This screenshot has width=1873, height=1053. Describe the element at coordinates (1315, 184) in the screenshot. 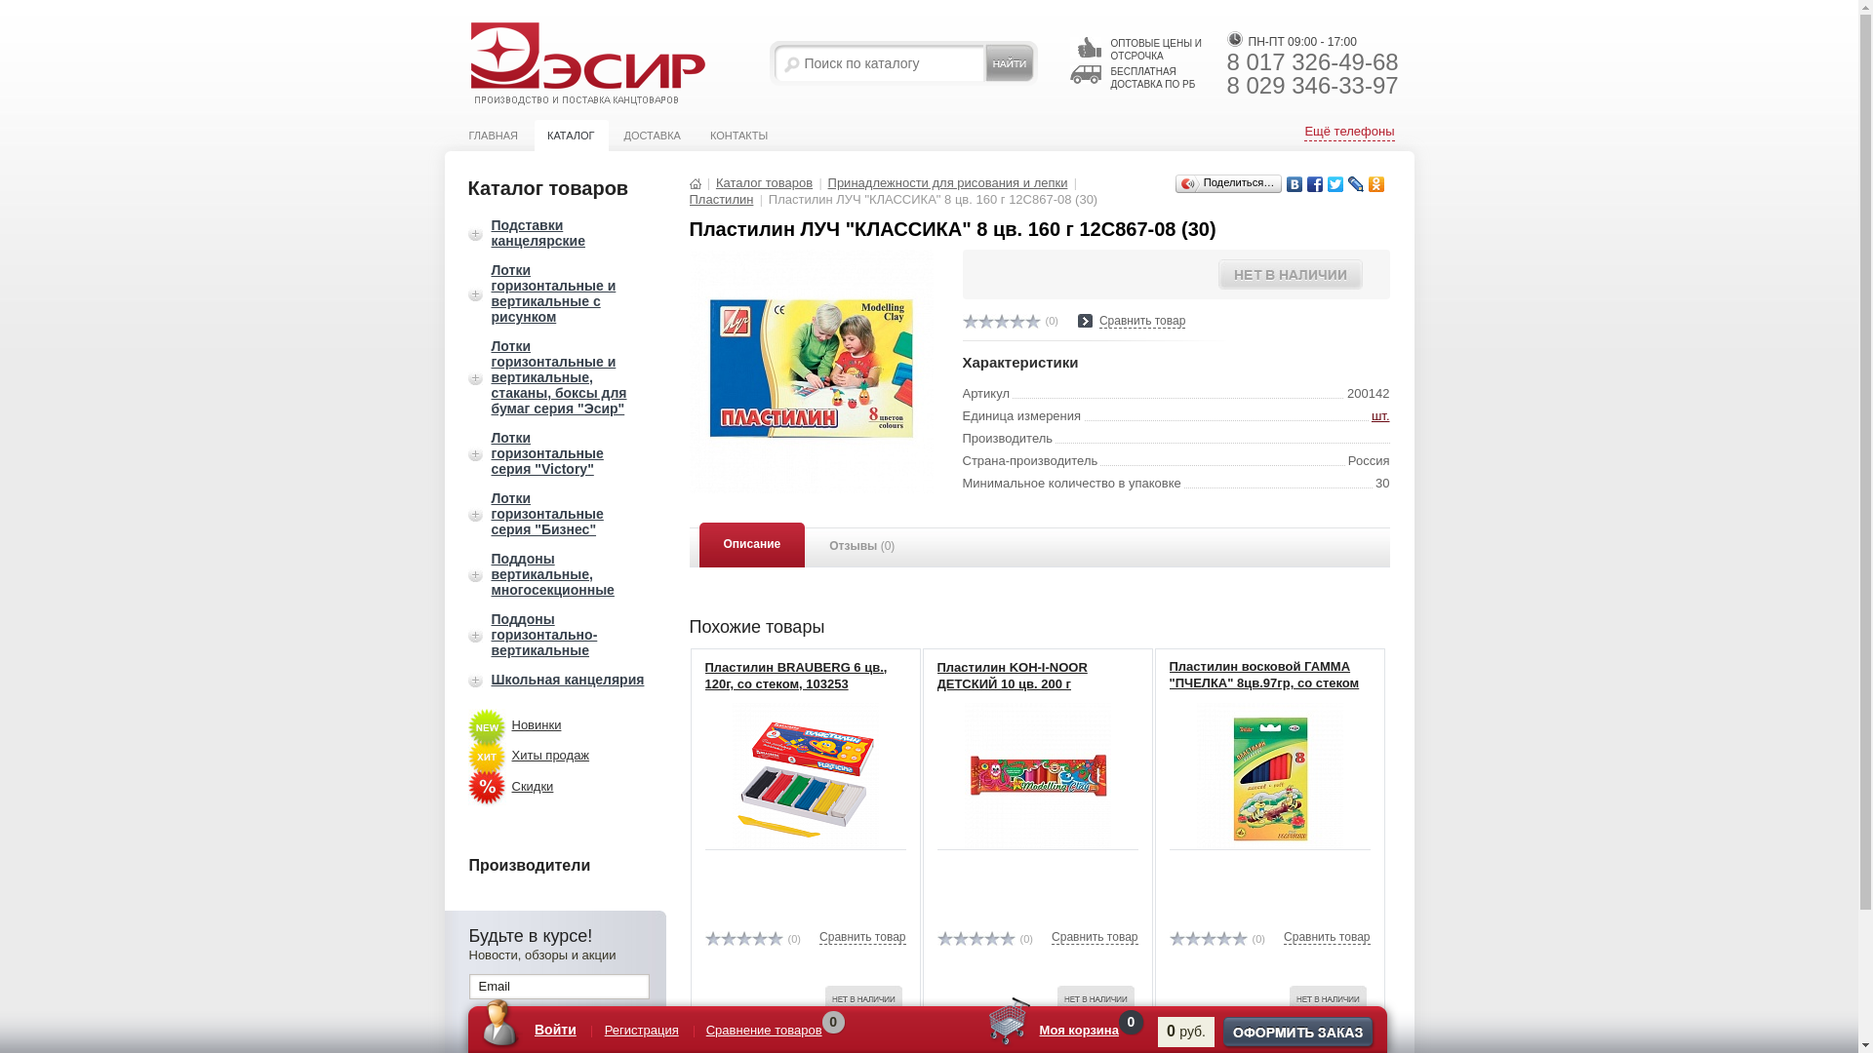

I see `'Facebook'` at that location.